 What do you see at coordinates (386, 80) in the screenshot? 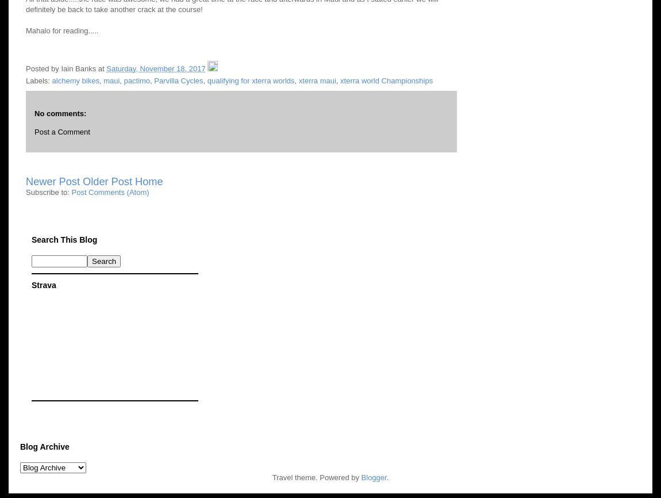
I see `'xterra world Championships'` at bounding box center [386, 80].